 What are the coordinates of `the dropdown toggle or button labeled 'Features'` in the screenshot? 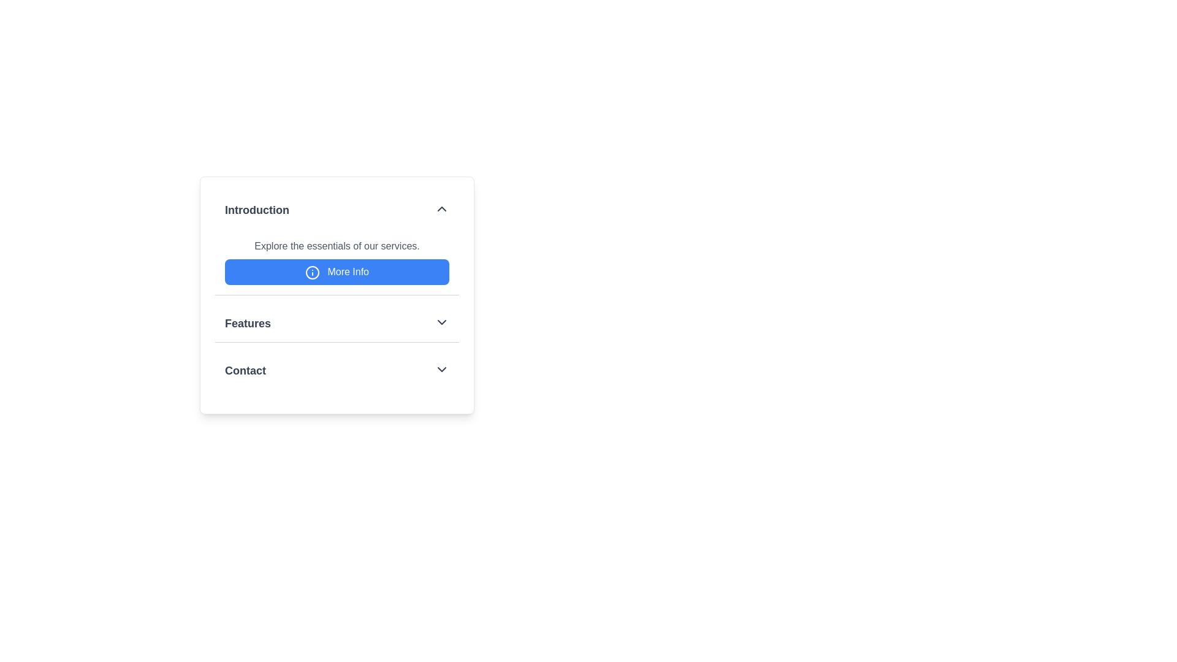 It's located at (337, 323).